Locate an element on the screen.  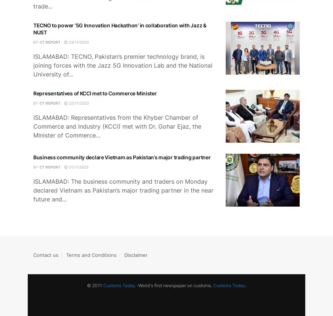
'Contact us' is located at coordinates (46, 255).